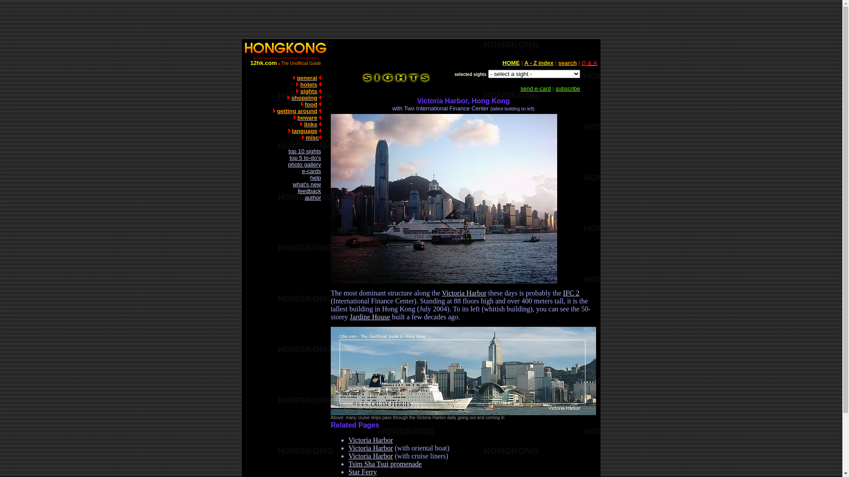 This screenshot has width=849, height=477. I want to click on 'getting around', so click(276, 110).